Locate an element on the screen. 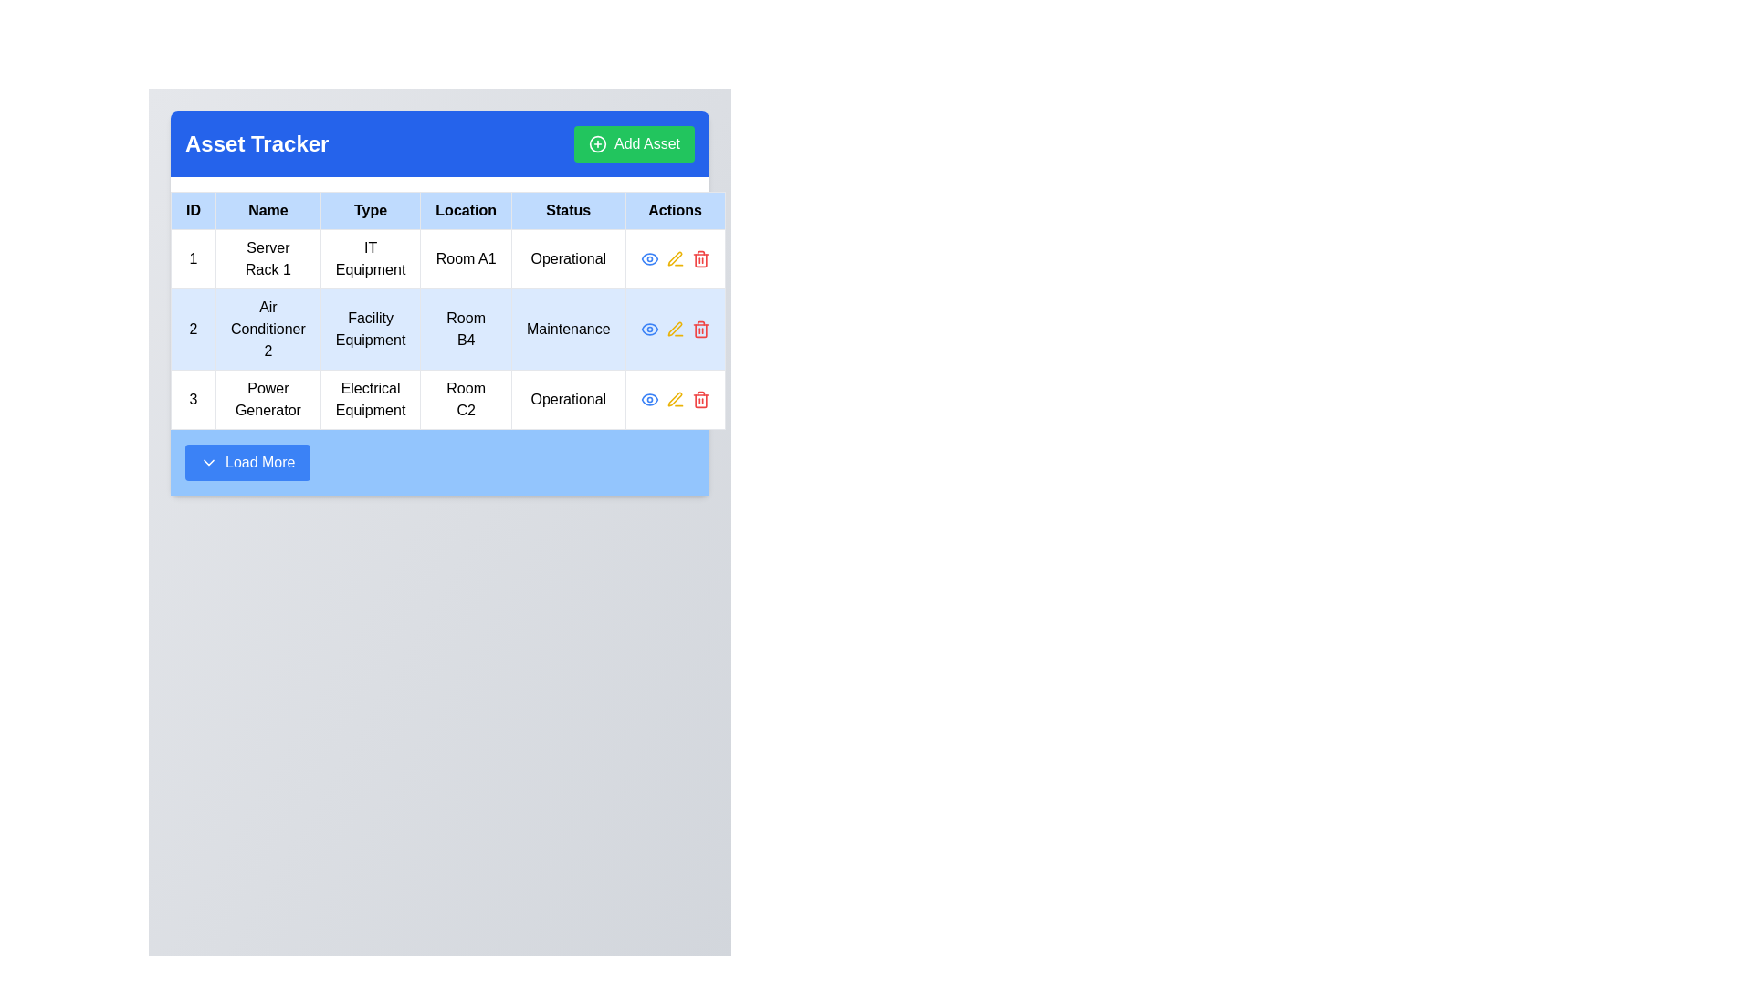 The width and height of the screenshot is (1753, 986). the eye icon button, which is the first interactive icon in the 'Actions' column adjacent to the 'Operational' status in the first row of the data table, to observe its style change is located at coordinates (649, 399).